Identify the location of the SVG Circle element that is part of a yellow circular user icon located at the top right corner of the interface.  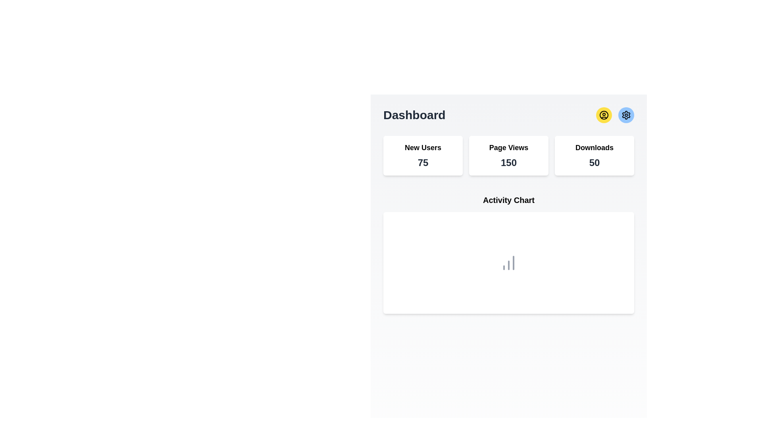
(603, 115).